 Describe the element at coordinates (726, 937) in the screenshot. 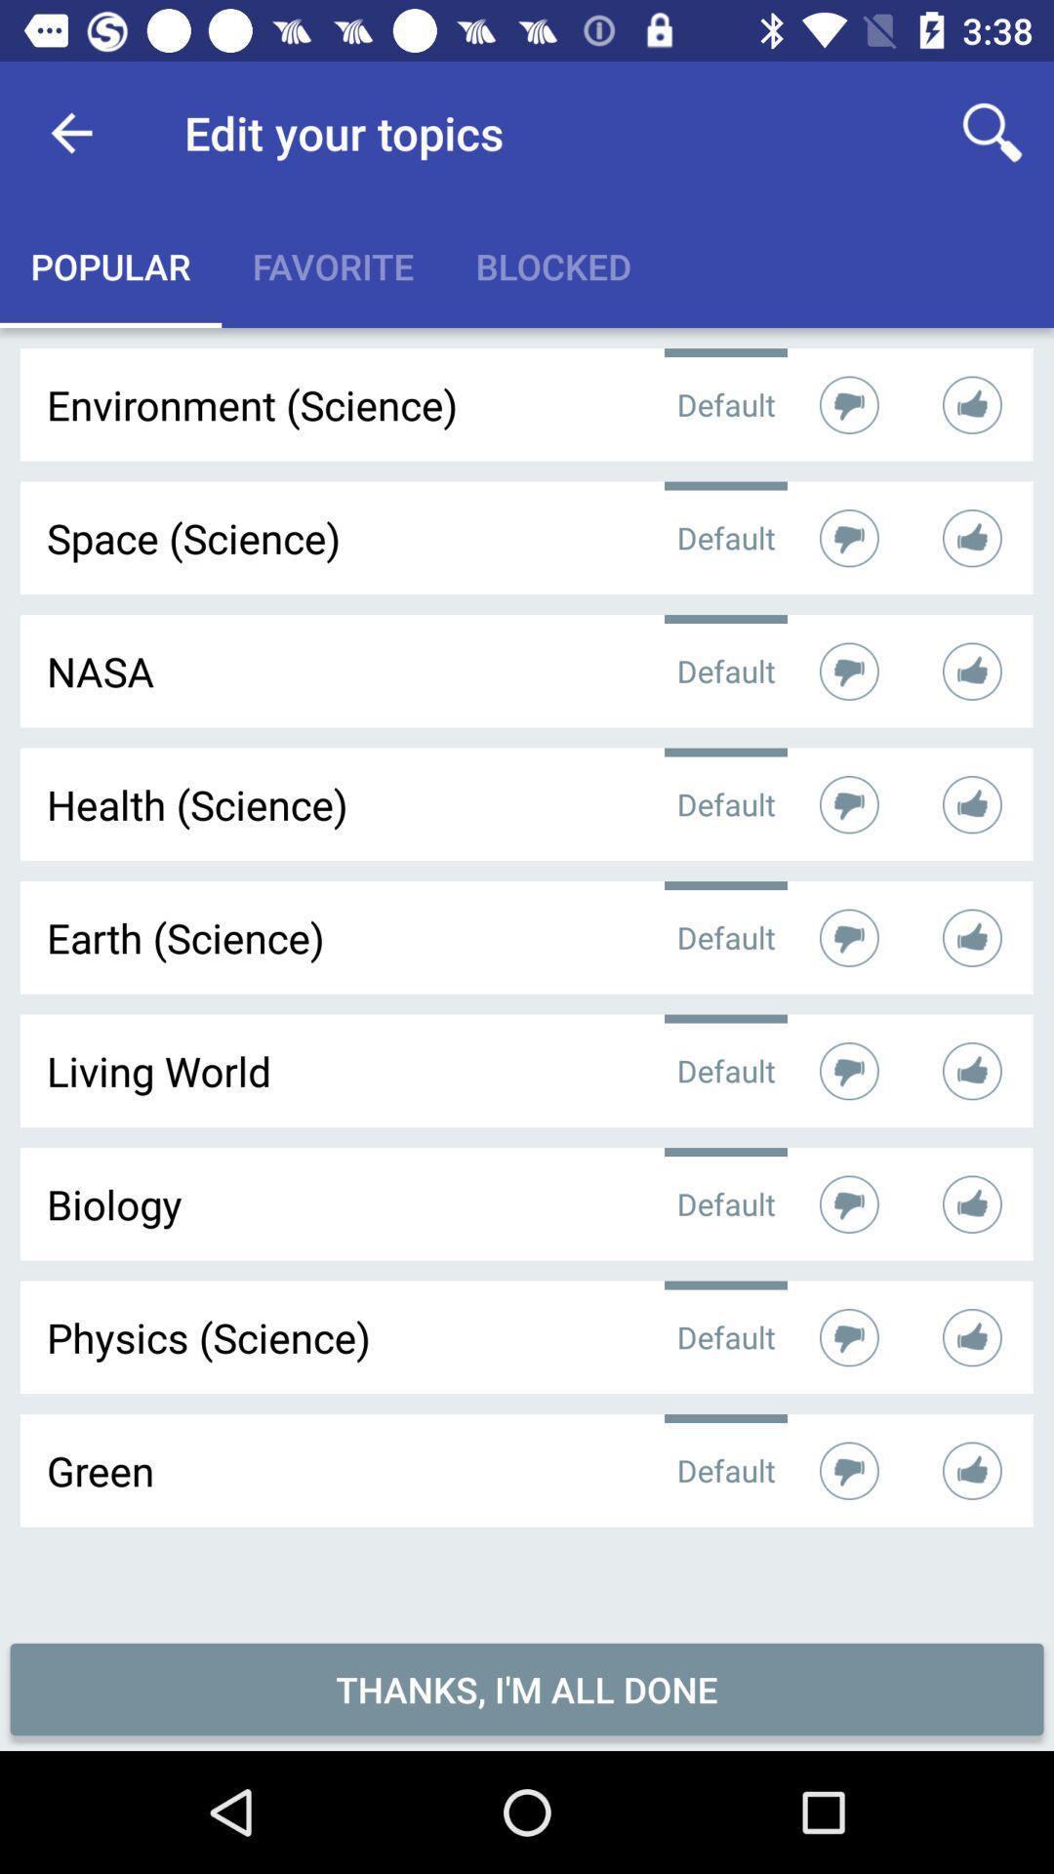

I see `the default option beside earthscience` at that location.